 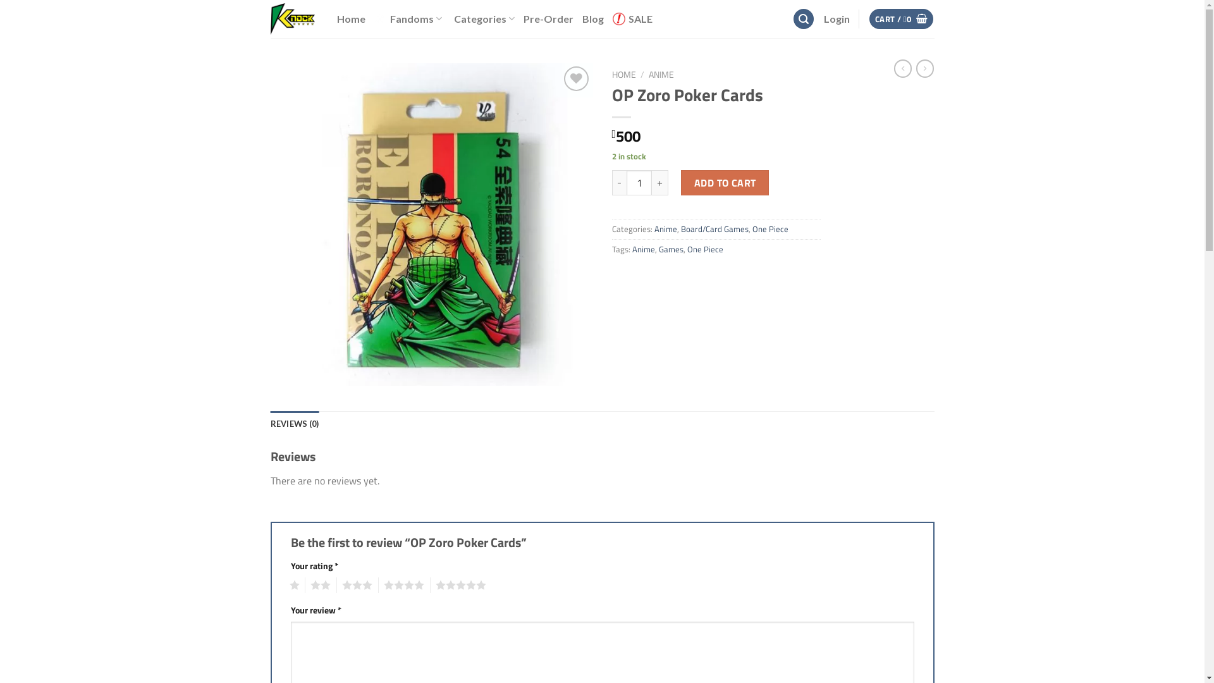 I want to click on 'Games', so click(x=670, y=249).